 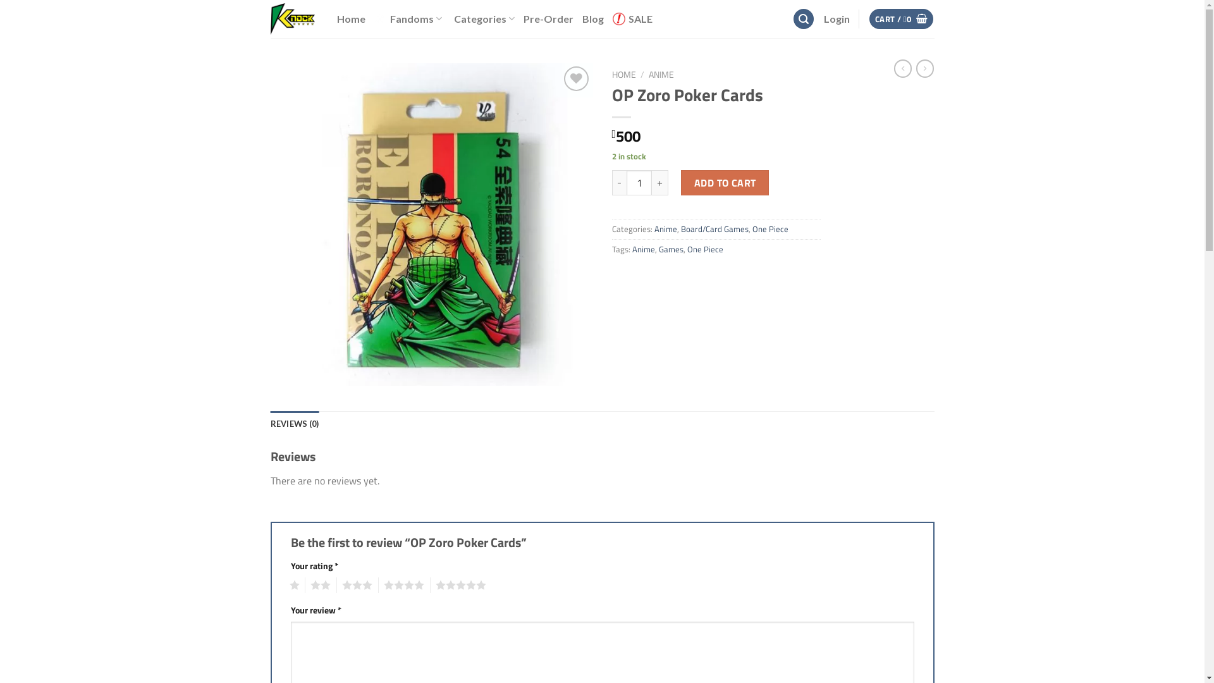 I want to click on 'Games', so click(x=670, y=249).